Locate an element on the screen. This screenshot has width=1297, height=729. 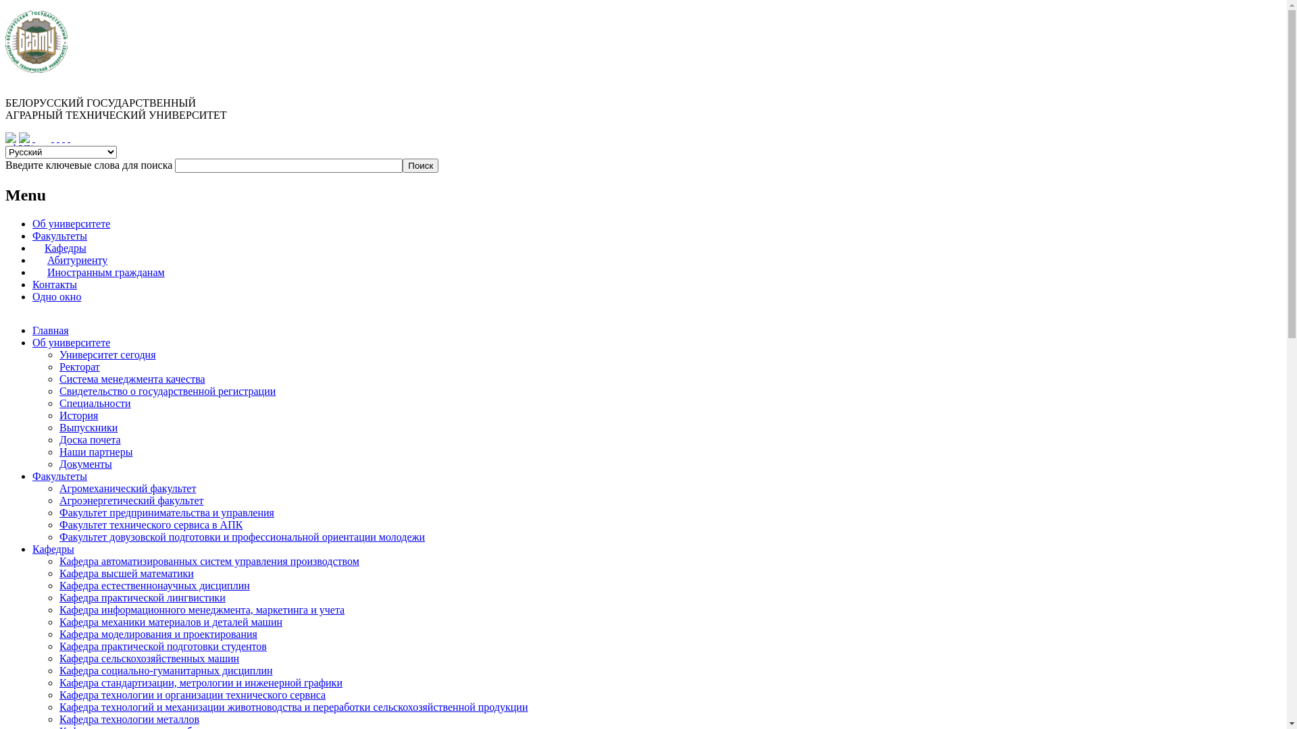
' ' is located at coordinates (52, 138).